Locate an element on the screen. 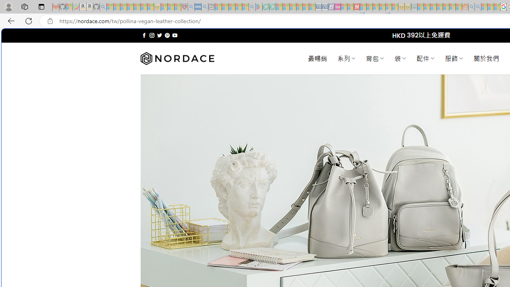 This screenshot has width=510, height=287. 'Cheap Hotels - Save70.com - Sleeping' is located at coordinates (325, 7).